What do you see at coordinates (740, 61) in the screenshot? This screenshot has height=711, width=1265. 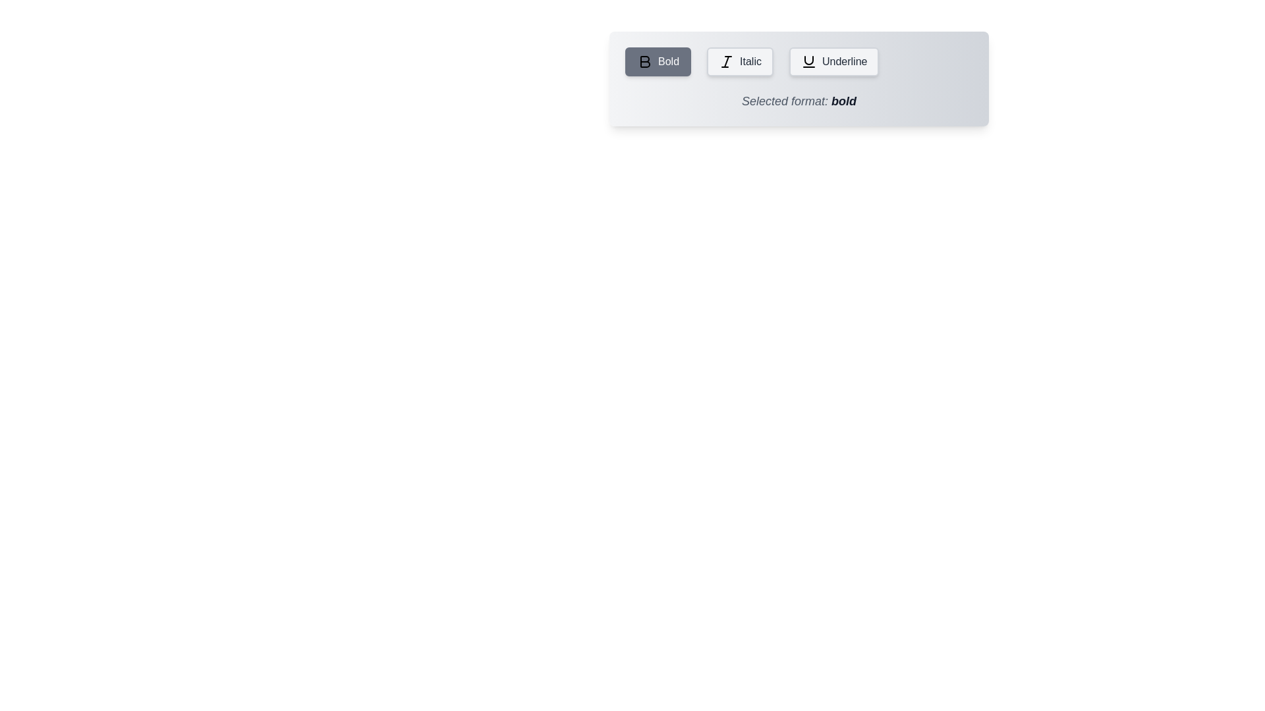 I see `the Italic button to see its hover animation` at bounding box center [740, 61].